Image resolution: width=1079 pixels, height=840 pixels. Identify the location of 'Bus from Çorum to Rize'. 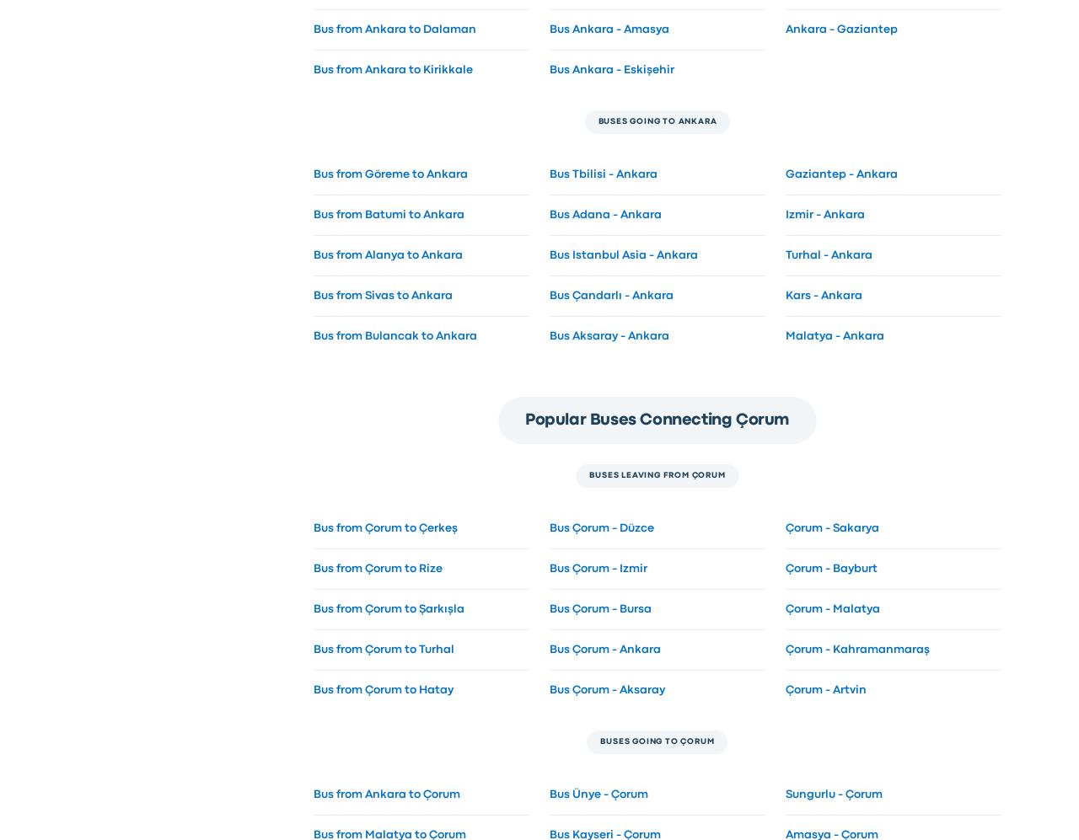
(376, 567).